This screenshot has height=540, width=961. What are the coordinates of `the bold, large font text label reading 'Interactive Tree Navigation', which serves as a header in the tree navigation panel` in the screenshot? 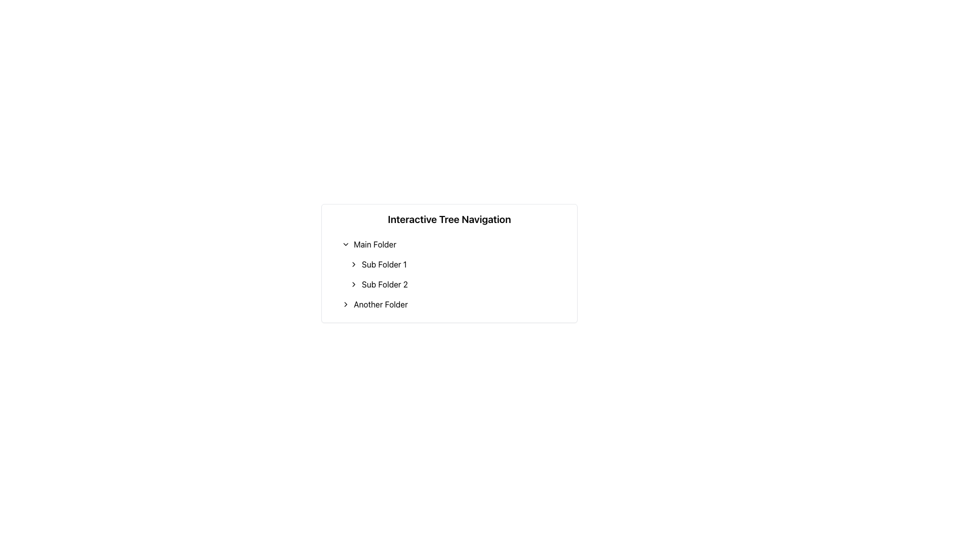 It's located at (448, 219).